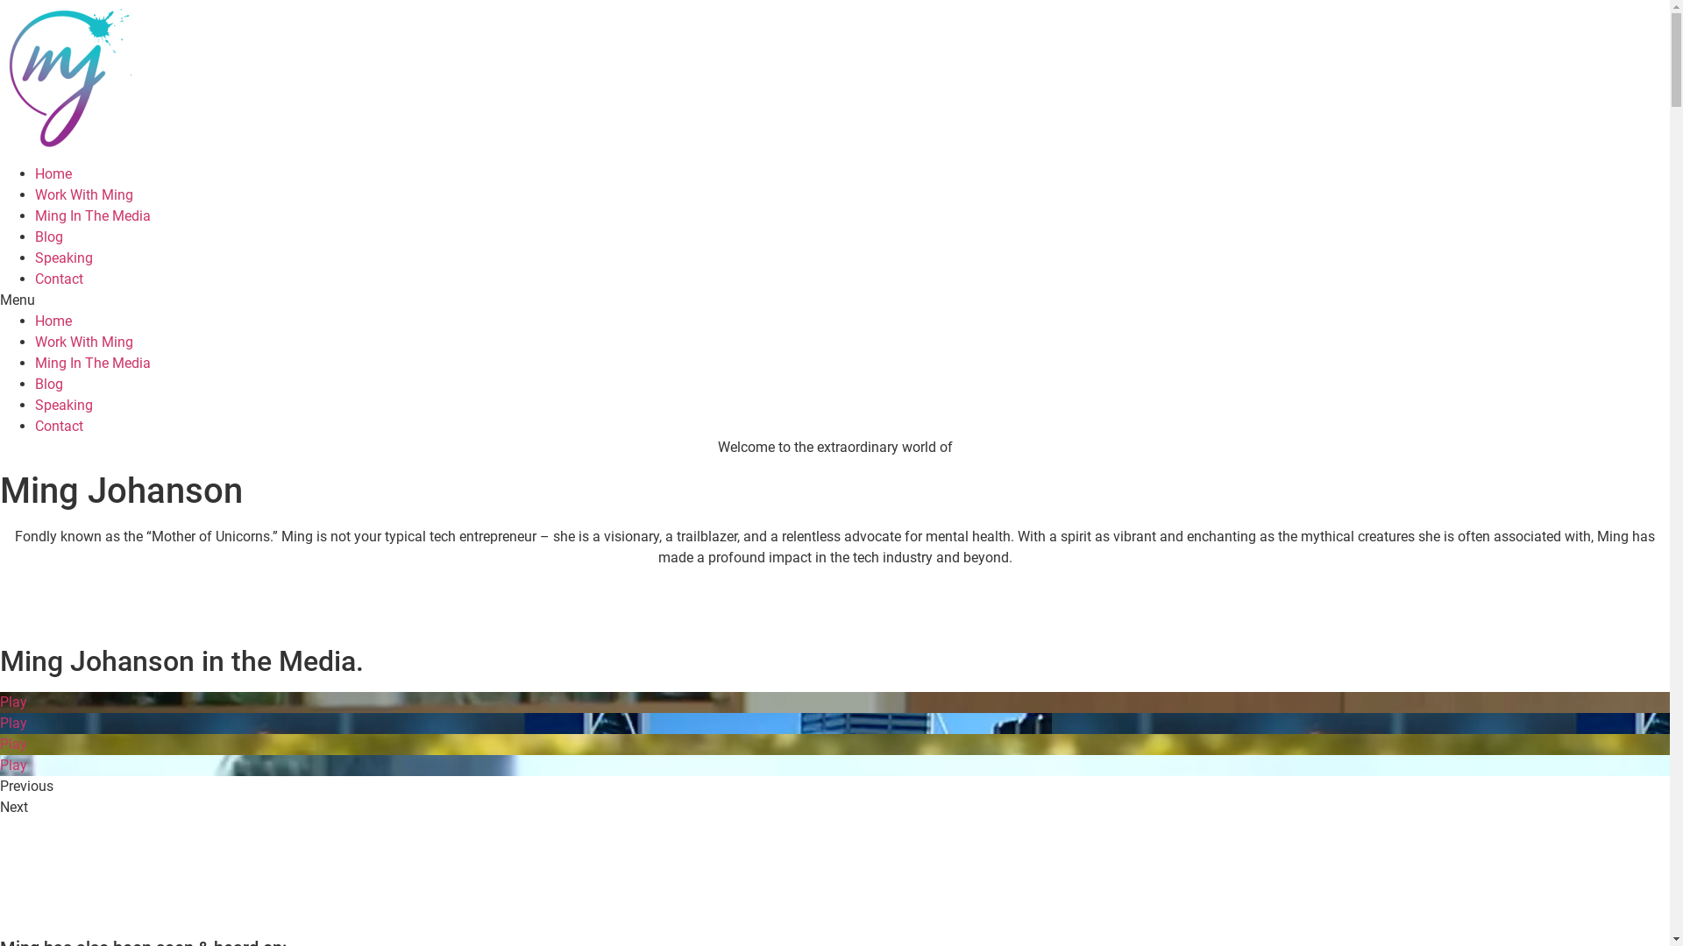 The width and height of the screenshot is (1683, 946). Describe the element at coordinates (834, 723) in the screenshot. I see `'Play'` at that location.